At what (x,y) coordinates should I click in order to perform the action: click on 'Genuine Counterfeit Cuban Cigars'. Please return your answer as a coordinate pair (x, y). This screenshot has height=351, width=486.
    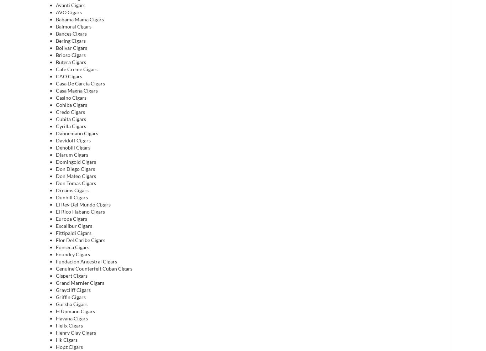
    Looking at the image, I should click on (94, 268).